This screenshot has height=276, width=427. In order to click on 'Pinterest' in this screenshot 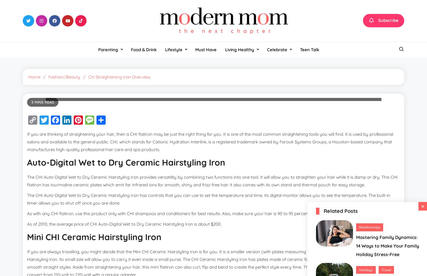, I will do `click(101, 120)`.